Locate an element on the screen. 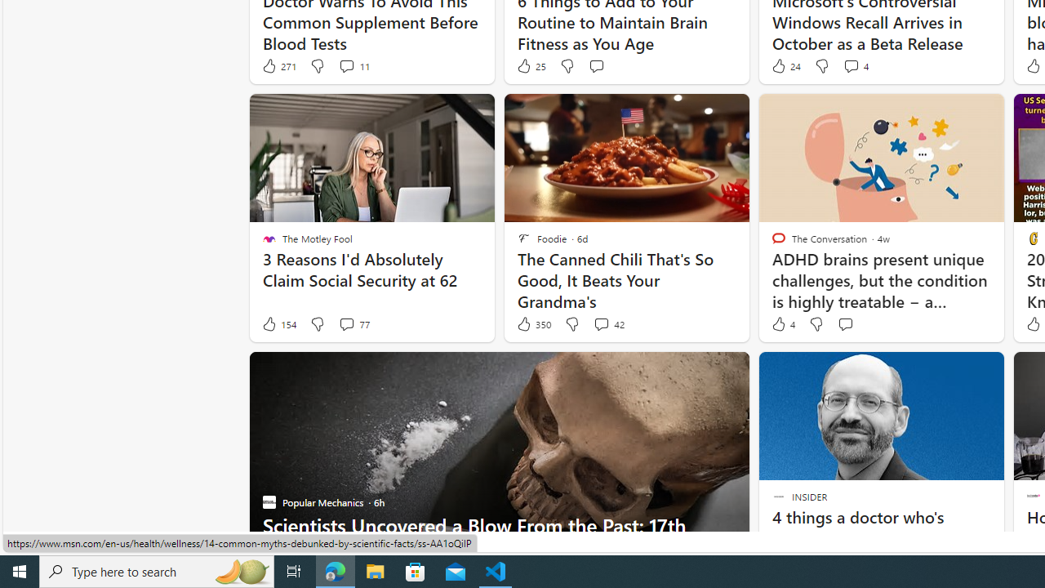 The image size is (1045, 588). 'View comments 4 Comment' is located at coordinates (855, 65).